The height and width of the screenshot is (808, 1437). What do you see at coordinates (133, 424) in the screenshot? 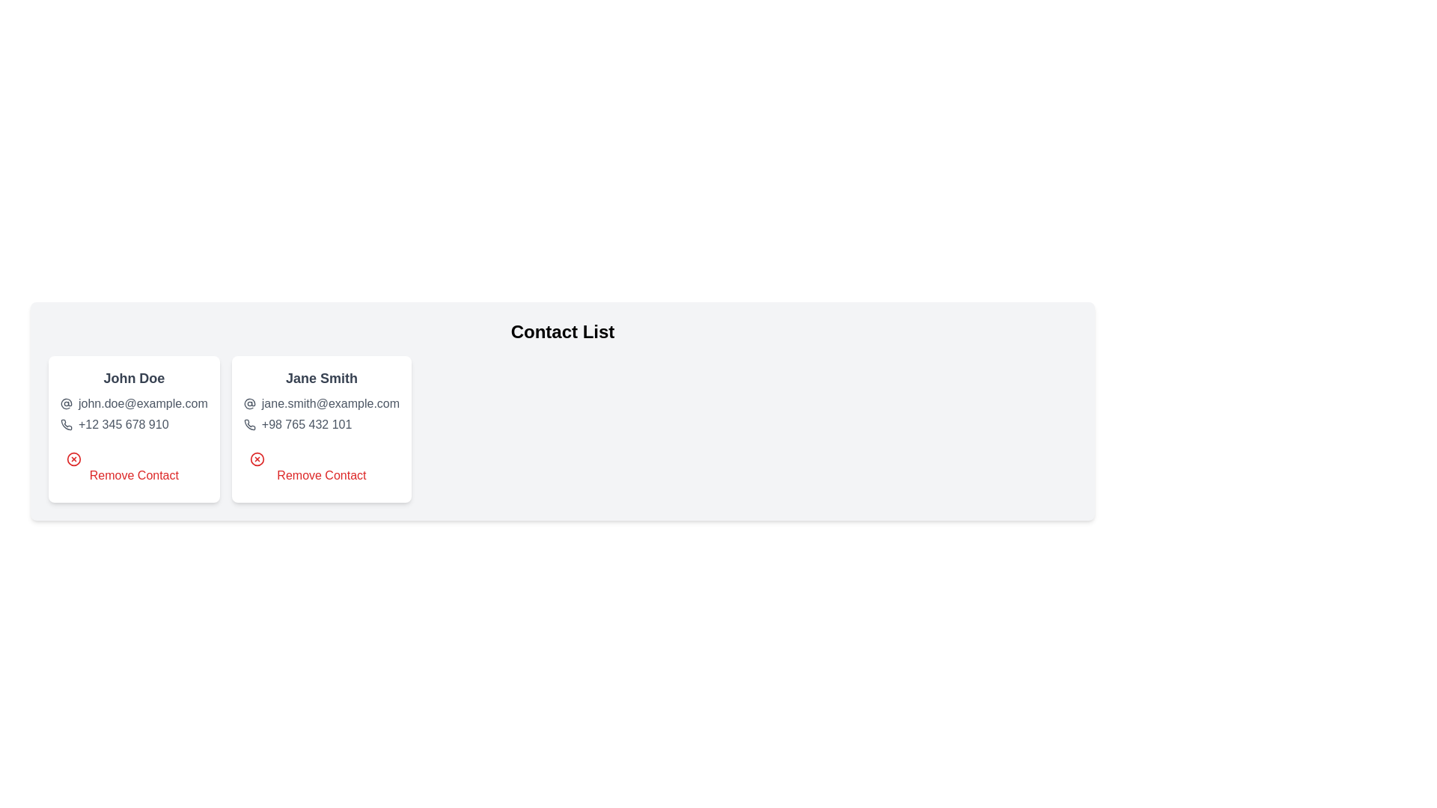
I see `the text field for phone number` at bounding box center [133, 424].